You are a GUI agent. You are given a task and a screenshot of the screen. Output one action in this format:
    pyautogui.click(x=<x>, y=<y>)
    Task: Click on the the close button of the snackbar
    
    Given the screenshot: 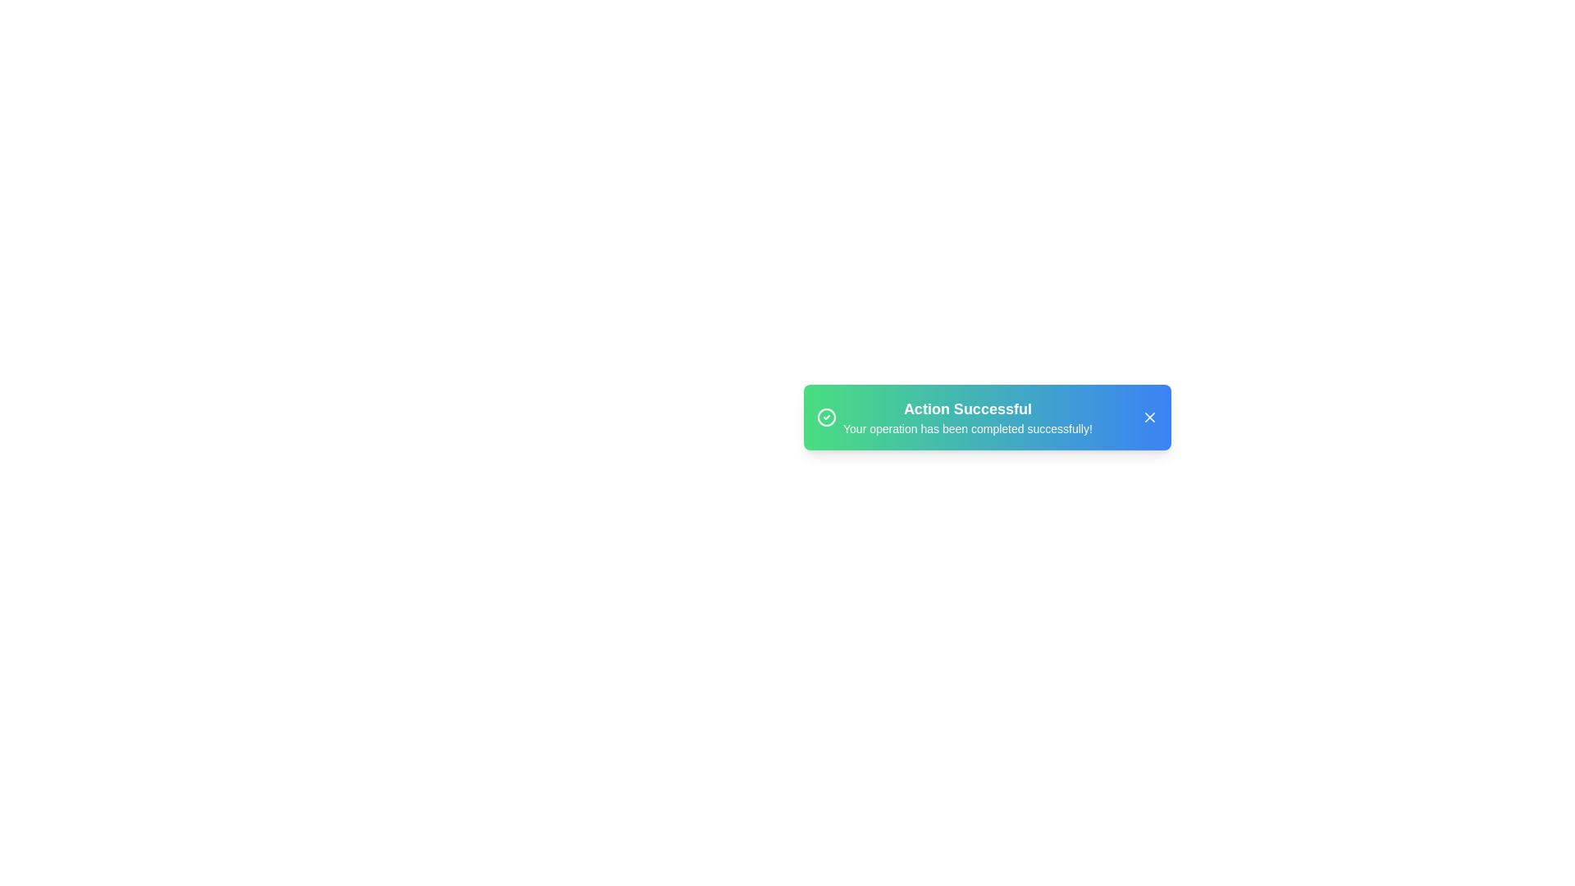 What is the action you would take?
    pyautogui.click(x=1148, y=417)
    